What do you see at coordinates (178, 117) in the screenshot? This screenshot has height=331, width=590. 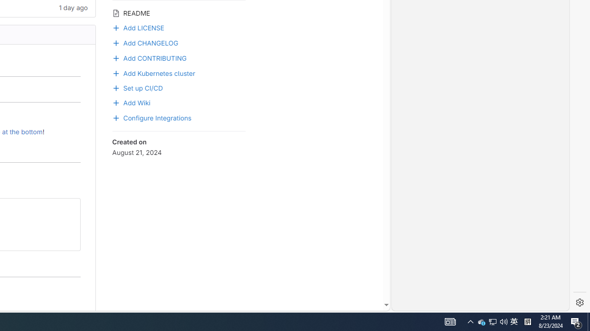 I see `'Configure Integrations'` at bounding box center [178, 117].